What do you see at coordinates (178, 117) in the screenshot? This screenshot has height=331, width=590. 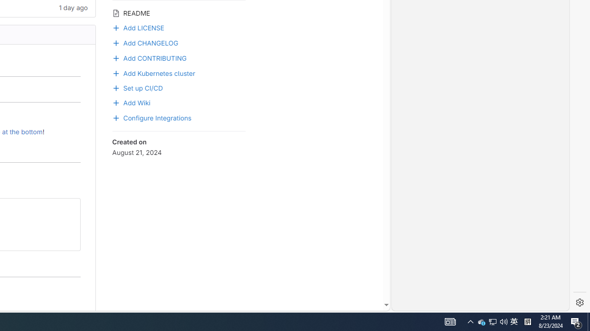 I see `'Configure Integrations'` at bounding box center [178, 117].